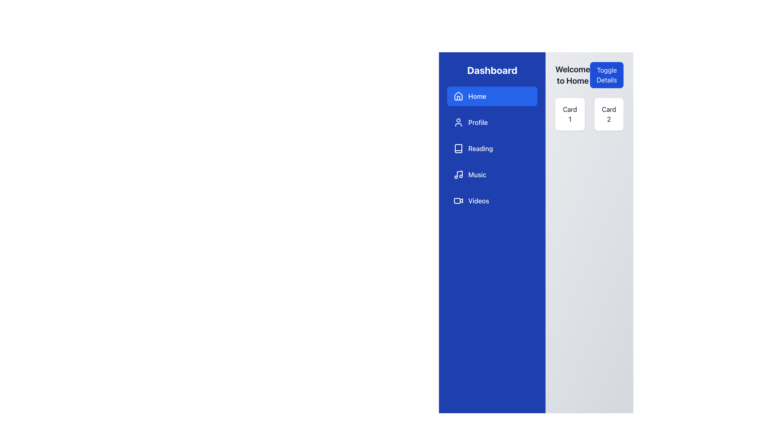 The height and width of the screenshot is (441, 784). Describe the element at coordinates (481, 148) in the screenshot. I see `text label for the 'Reading' menu item located in the navigation sidebar, adjacent to the book icon` at that location.